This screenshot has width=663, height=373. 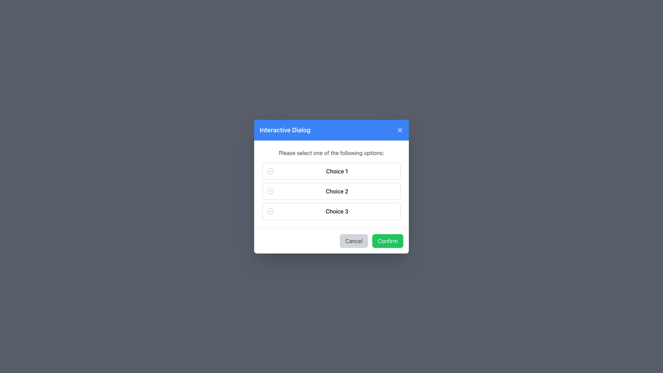 What do you see at coordinates (388, 240) in the screenshot?
I see `the 'Confirm' button, which is a rectangular button with rounded corners and styled with a green background and white text, to change its background color` at bounding box center [388, 240].